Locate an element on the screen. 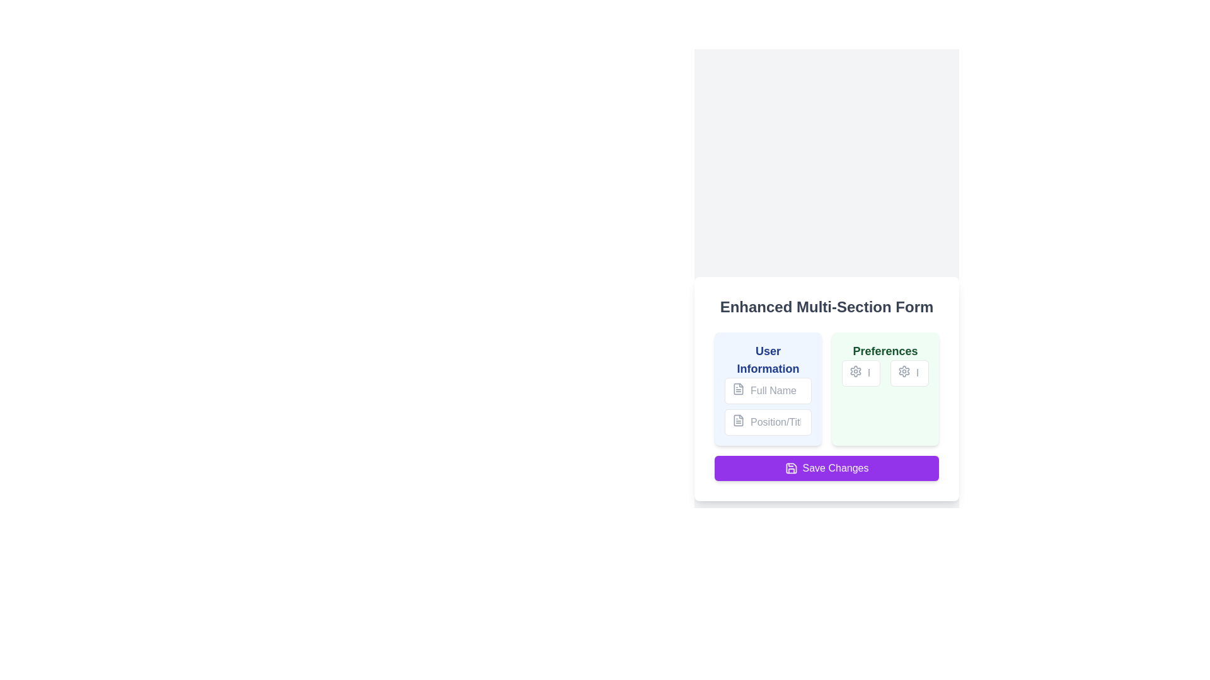  the gear-shaped icon button located to the right of the 'Preferences' section is located at coordinates (856, 371).